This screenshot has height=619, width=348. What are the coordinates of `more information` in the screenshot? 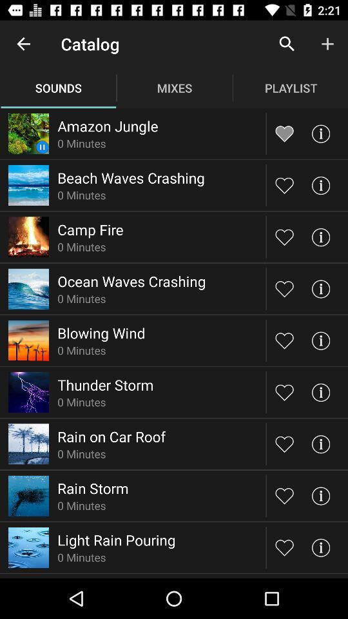 It's located at (320, 547).